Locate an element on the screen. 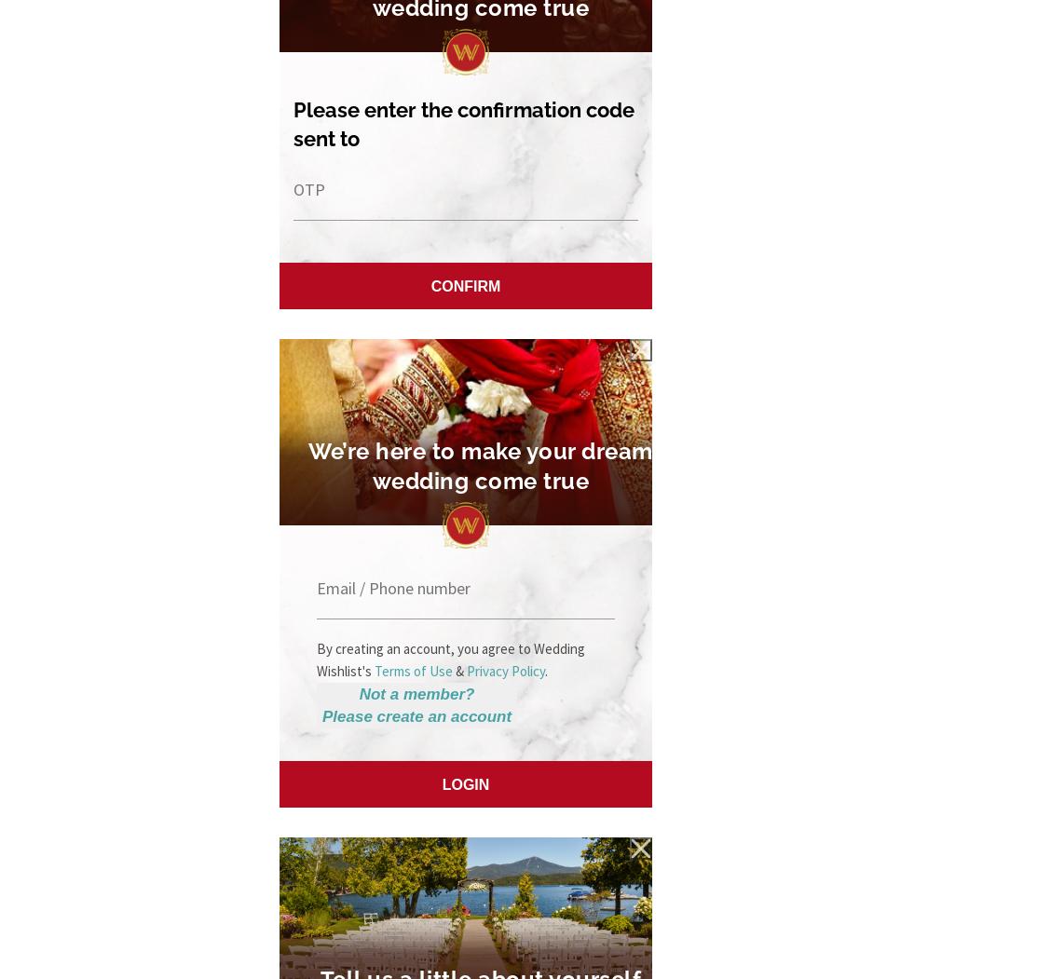 This screenshot has height=979, width=1037. 'Privacy Policy' is located at coordinates (506, 669).